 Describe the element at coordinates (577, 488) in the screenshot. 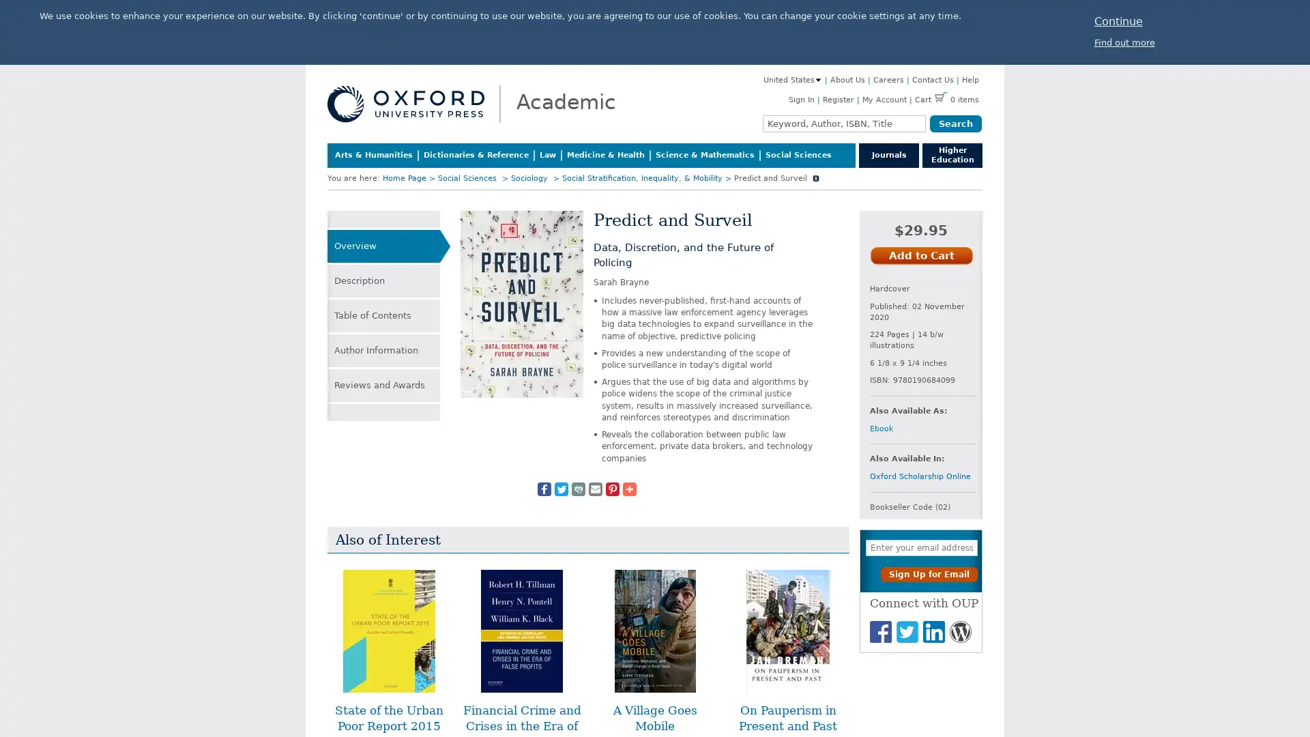

I see `Share to Print` at that location.